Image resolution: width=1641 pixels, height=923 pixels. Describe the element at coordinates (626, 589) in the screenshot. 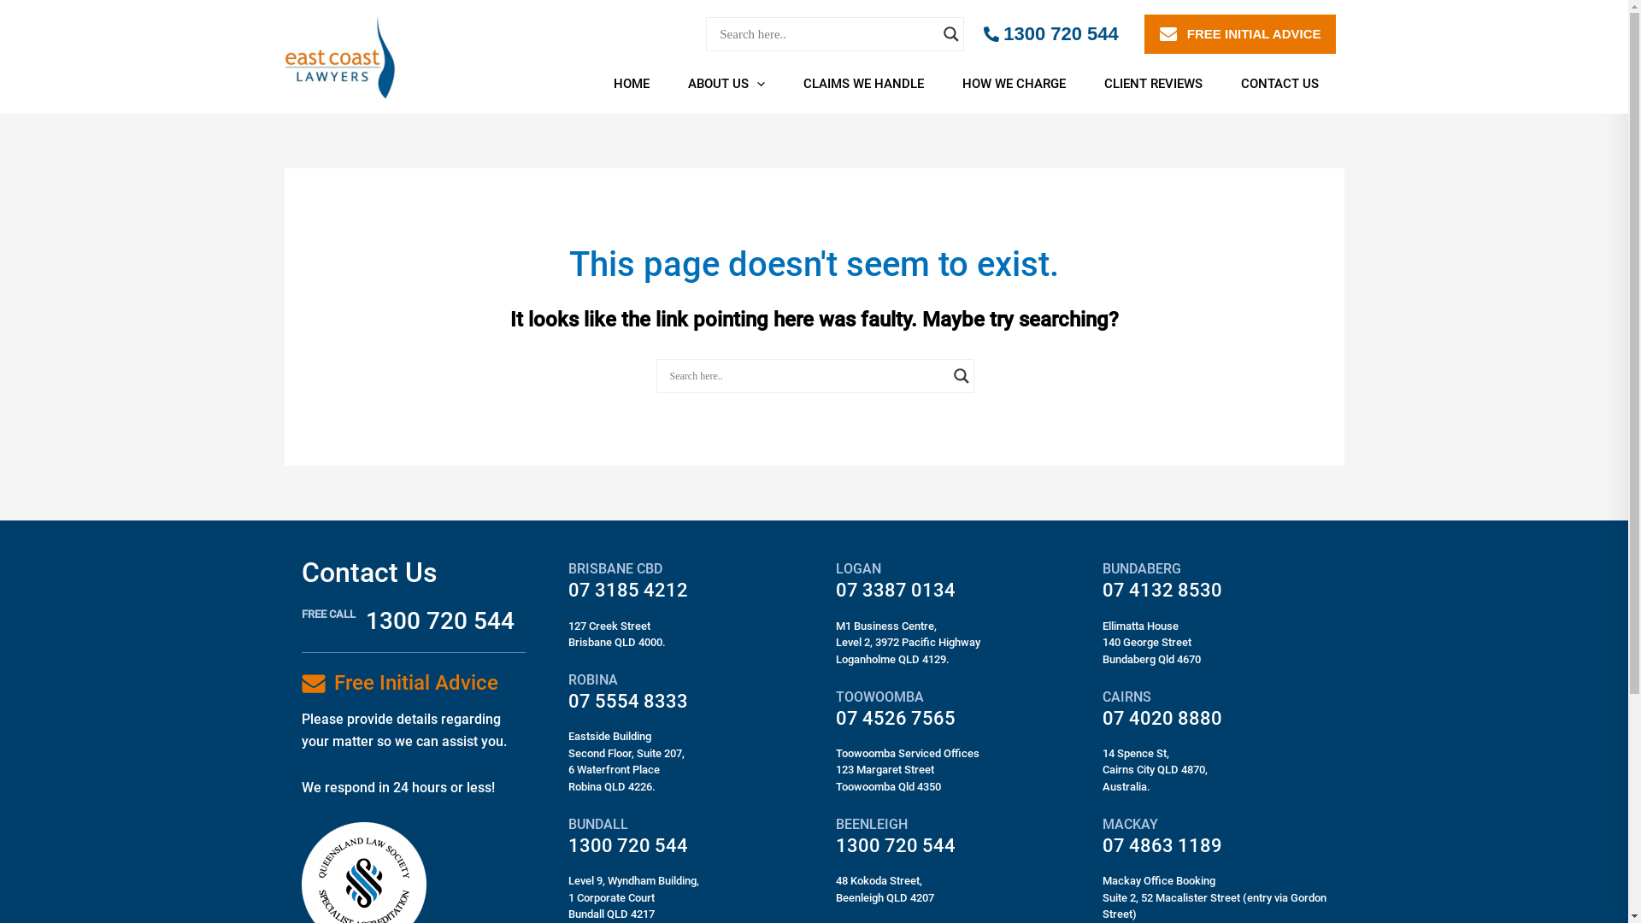

I see `'07 3185 4212'` at that location.